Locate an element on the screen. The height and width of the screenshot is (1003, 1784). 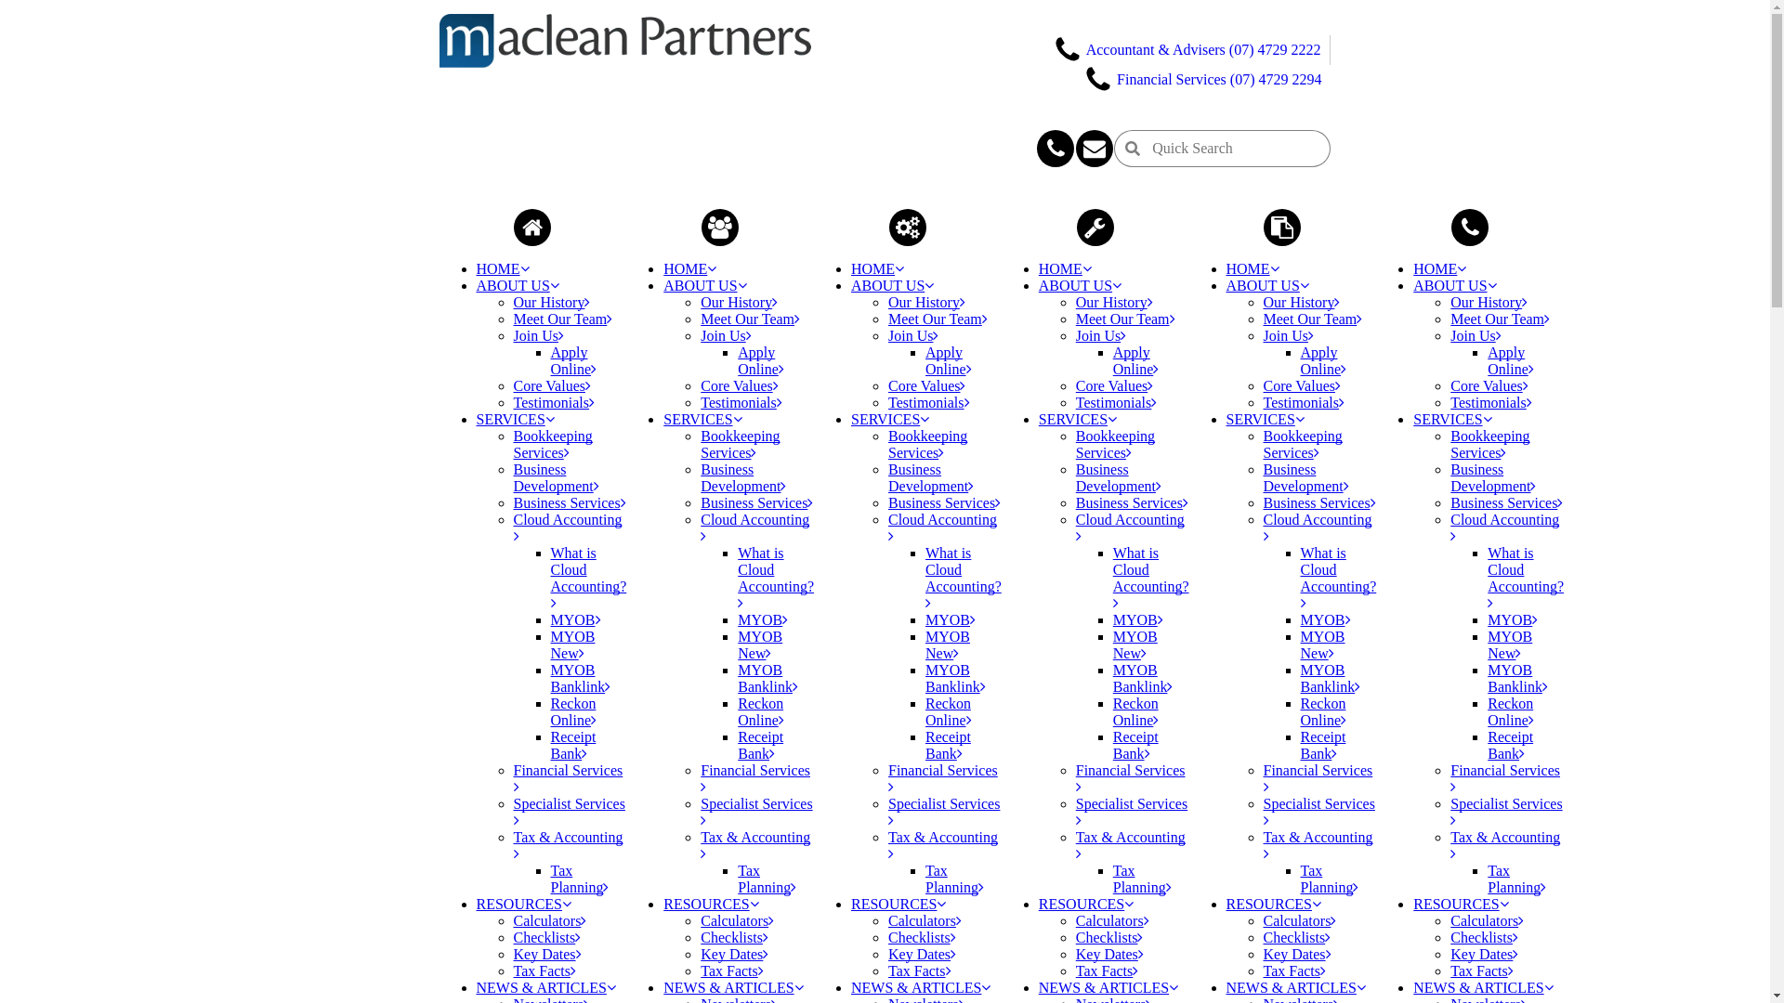
'Checklists' is located at coordinates (1483, 937).